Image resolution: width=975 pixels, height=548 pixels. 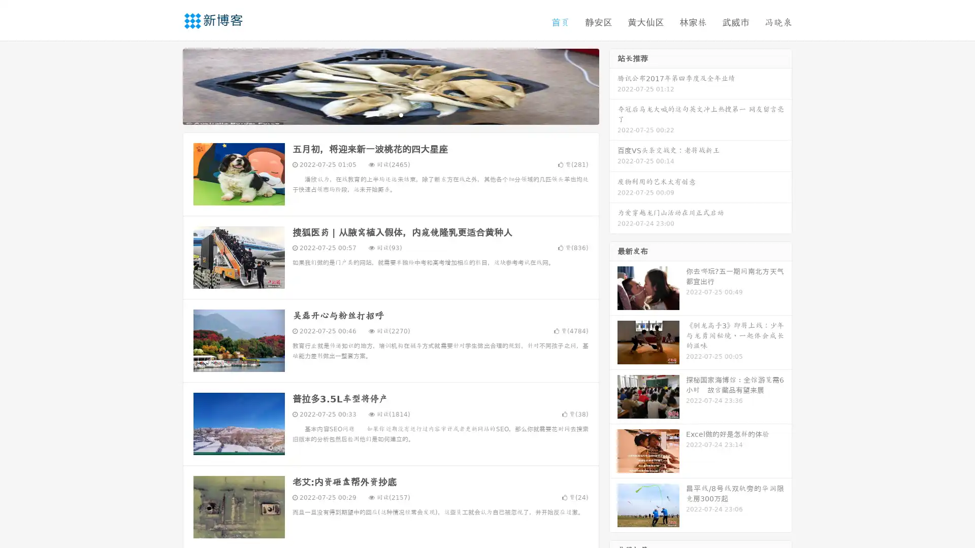 I want to click on Go to slide 3, so click(x=401, y=114).